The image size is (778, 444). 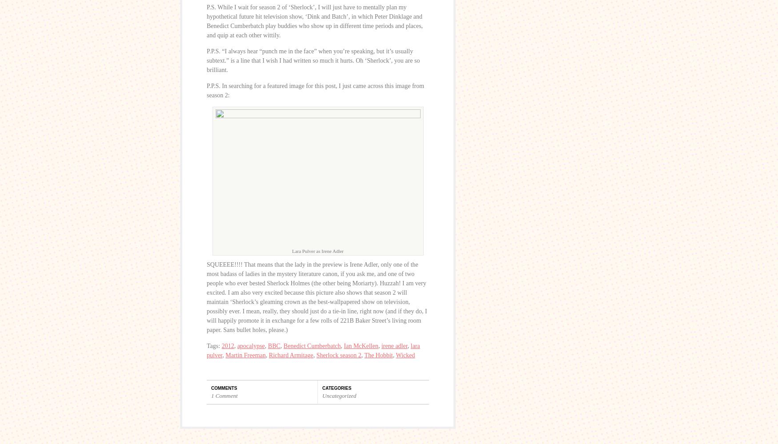 I want to click on 'Ian McKellen', so click(x=360, y=346).